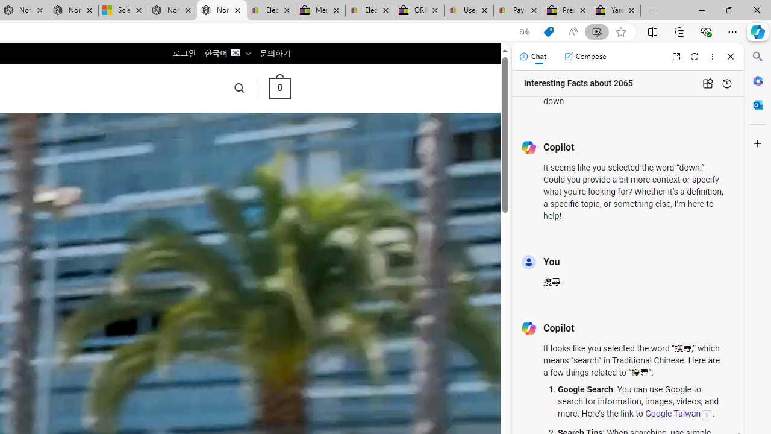 Image resolution: width=771 pixels, height=434 pixels. Describe the element at coordinates (525, 31) in the screenshot. I see `'Show translate options'` at that location.